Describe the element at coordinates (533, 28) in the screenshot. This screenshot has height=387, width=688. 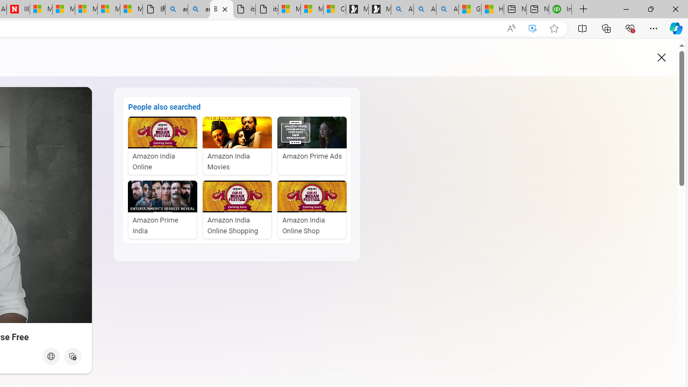
I see `'Enhance video'` at that location.